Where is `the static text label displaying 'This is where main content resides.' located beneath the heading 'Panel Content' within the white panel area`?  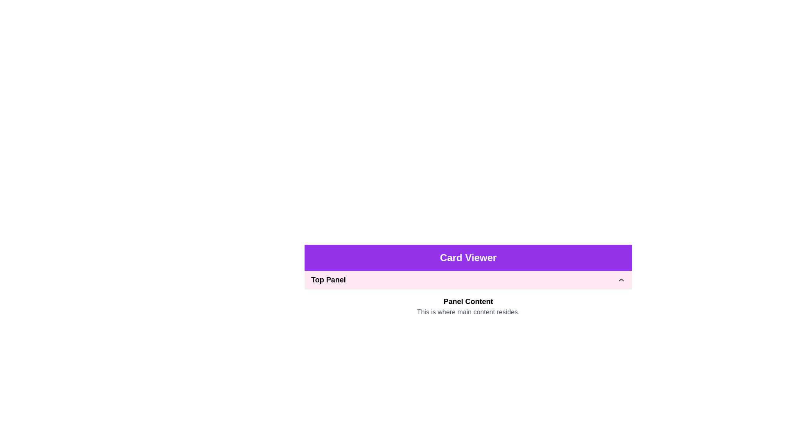 the static text label displaying 'This is where main content resides.' located beneath the heading 'Panel Content' within the white panel area is located at coordinates (468, 312).